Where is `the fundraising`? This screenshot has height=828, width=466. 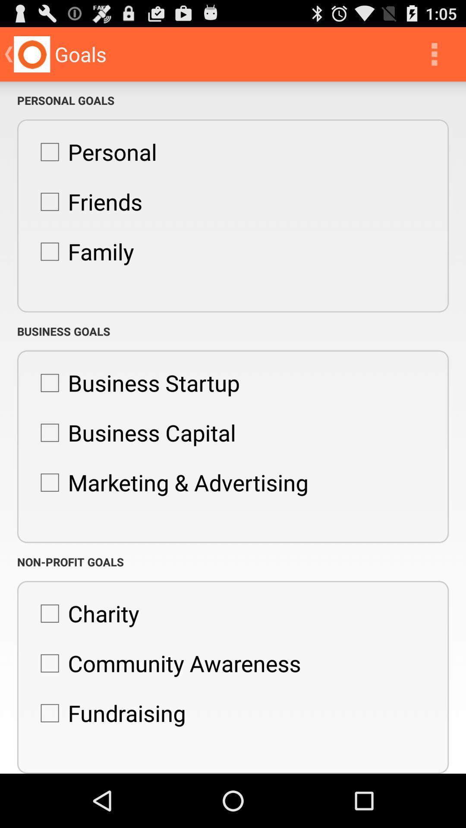
the fundraising is located at coordinates (108, 713).